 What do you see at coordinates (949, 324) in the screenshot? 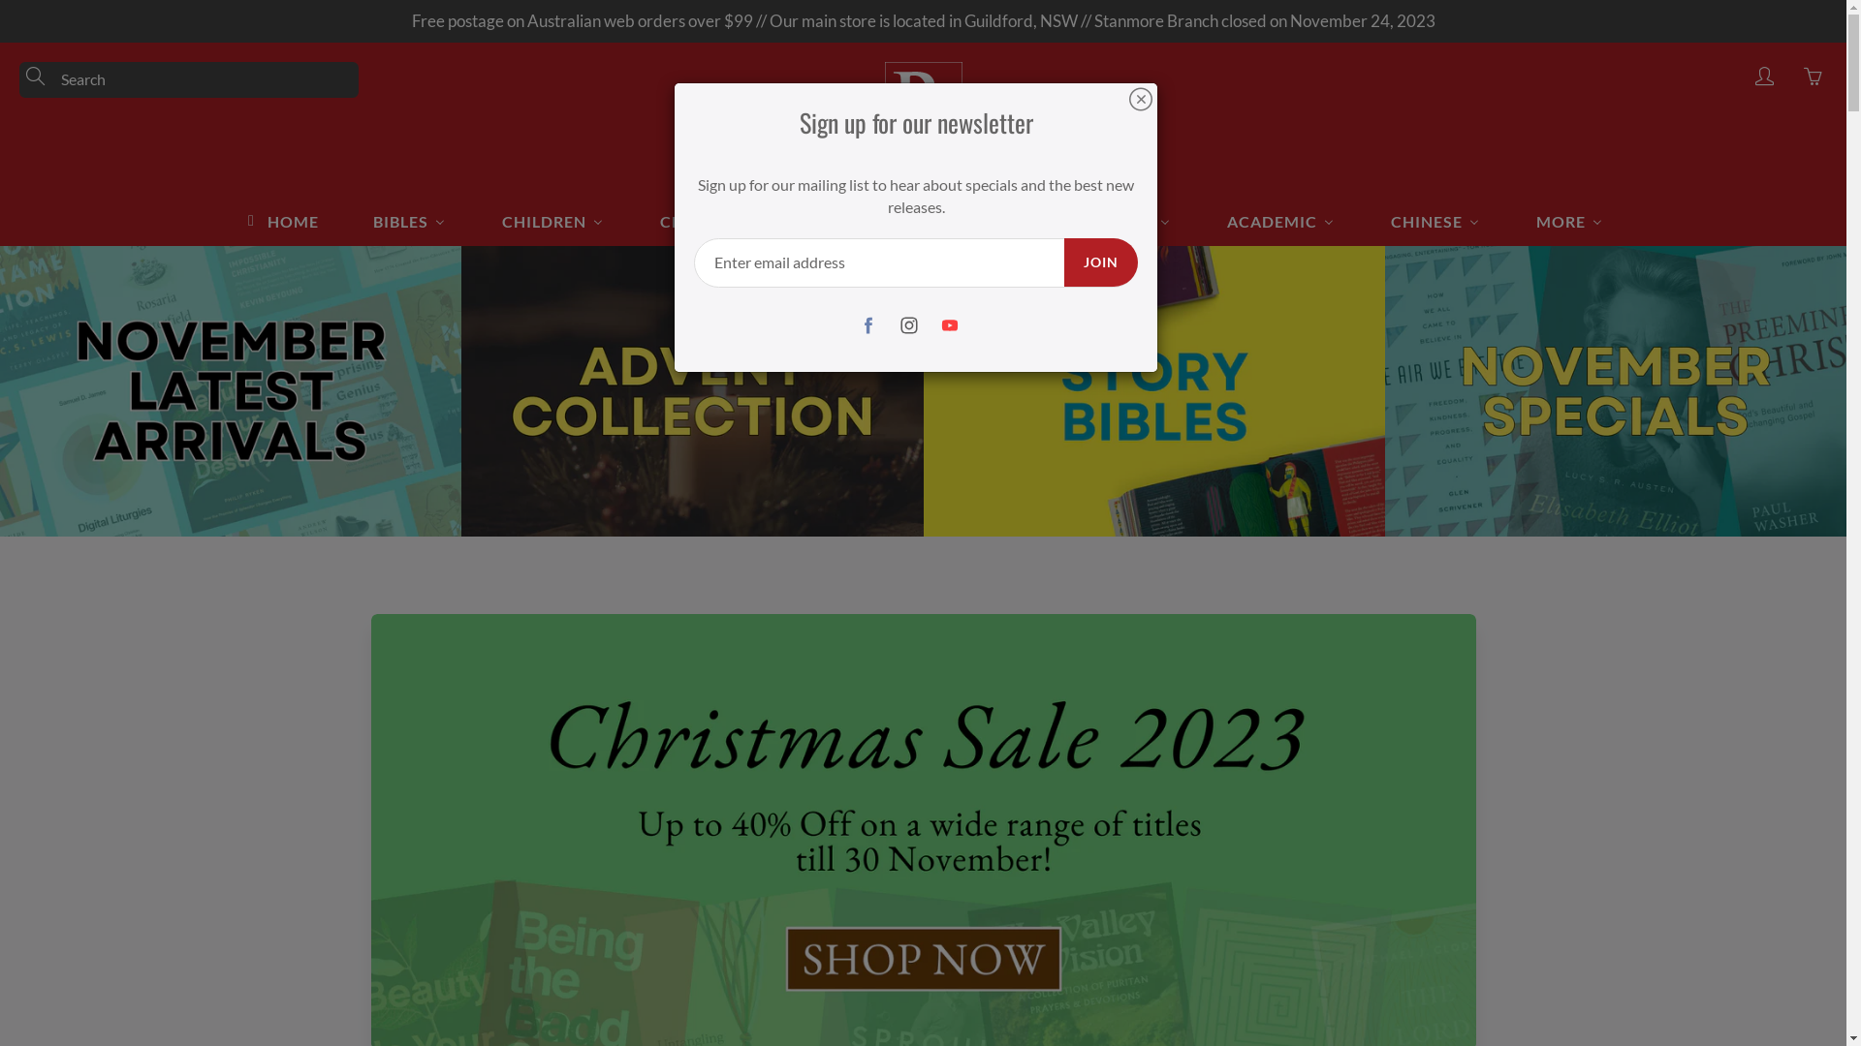
I see `'YouTube'` at bounding box center [949, 324].